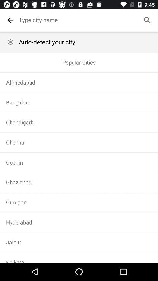 Image resolution: width=158 pixels, height=281 pixels. I want to click on return to the previous screen, so click(11, 20).